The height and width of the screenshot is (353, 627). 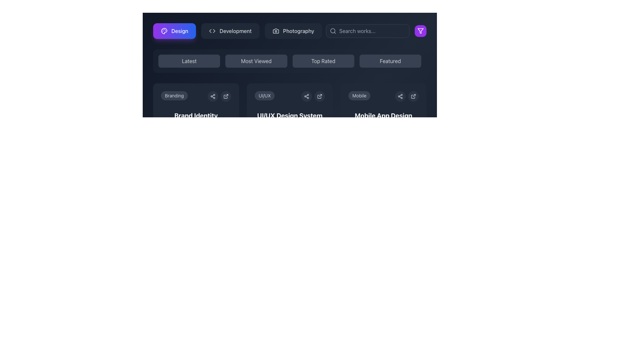 What do you see at coordinates (230, 31) in the screenshot?
I see `the 'Development' navigation button, which is the second button in a row of three, located between the 'Design' button and the 'Photography' button` at bounding box center [230, 31].